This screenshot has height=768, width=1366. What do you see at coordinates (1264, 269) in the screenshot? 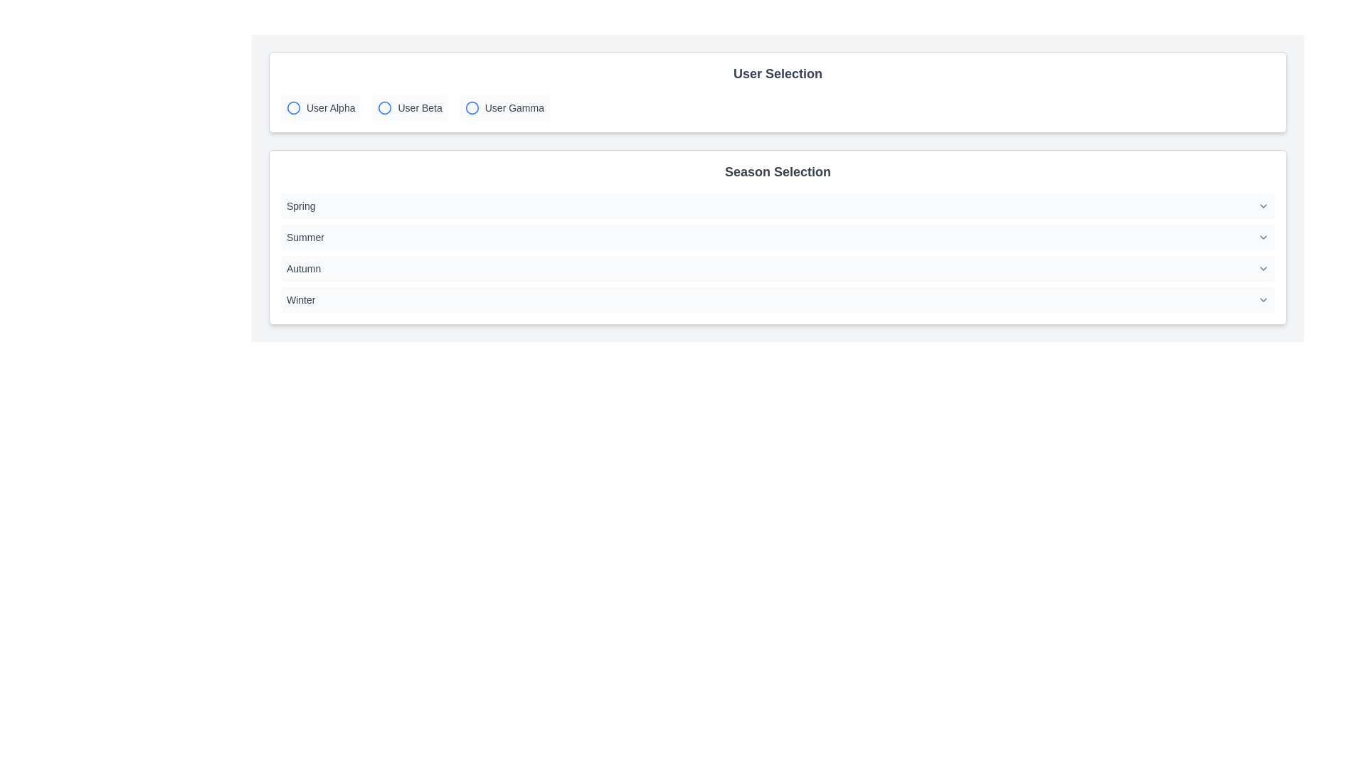
I see `the Chevron-Down icon in the 'Autumn' section to interact with the associated dropdown` at bounding box center [1264, 269].